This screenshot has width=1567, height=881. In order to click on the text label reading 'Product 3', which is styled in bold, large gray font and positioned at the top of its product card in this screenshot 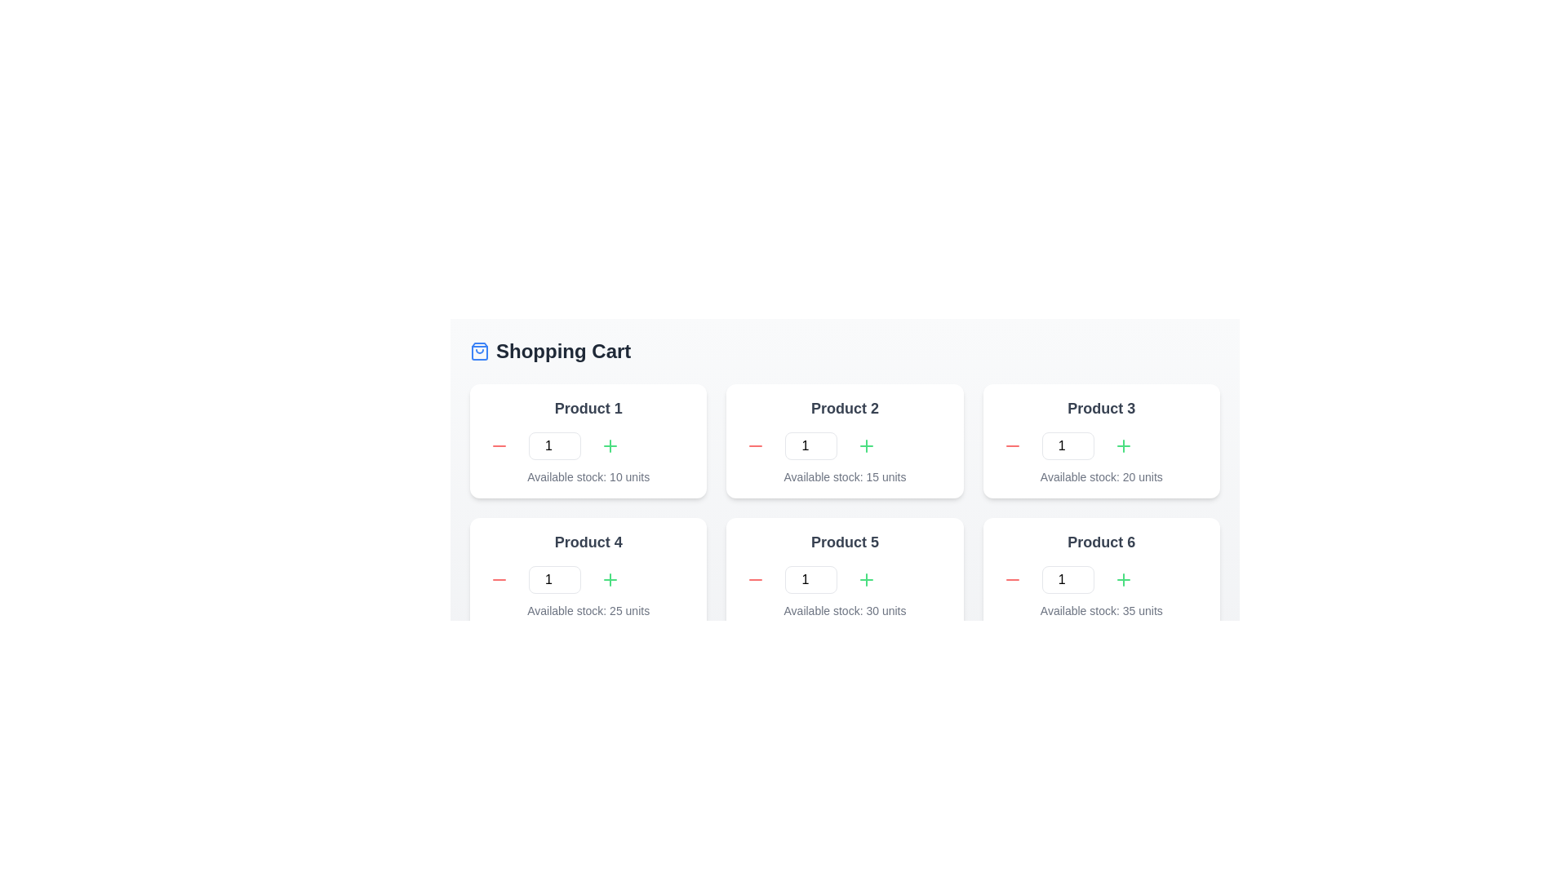, I will do `click(1101, 408)`.